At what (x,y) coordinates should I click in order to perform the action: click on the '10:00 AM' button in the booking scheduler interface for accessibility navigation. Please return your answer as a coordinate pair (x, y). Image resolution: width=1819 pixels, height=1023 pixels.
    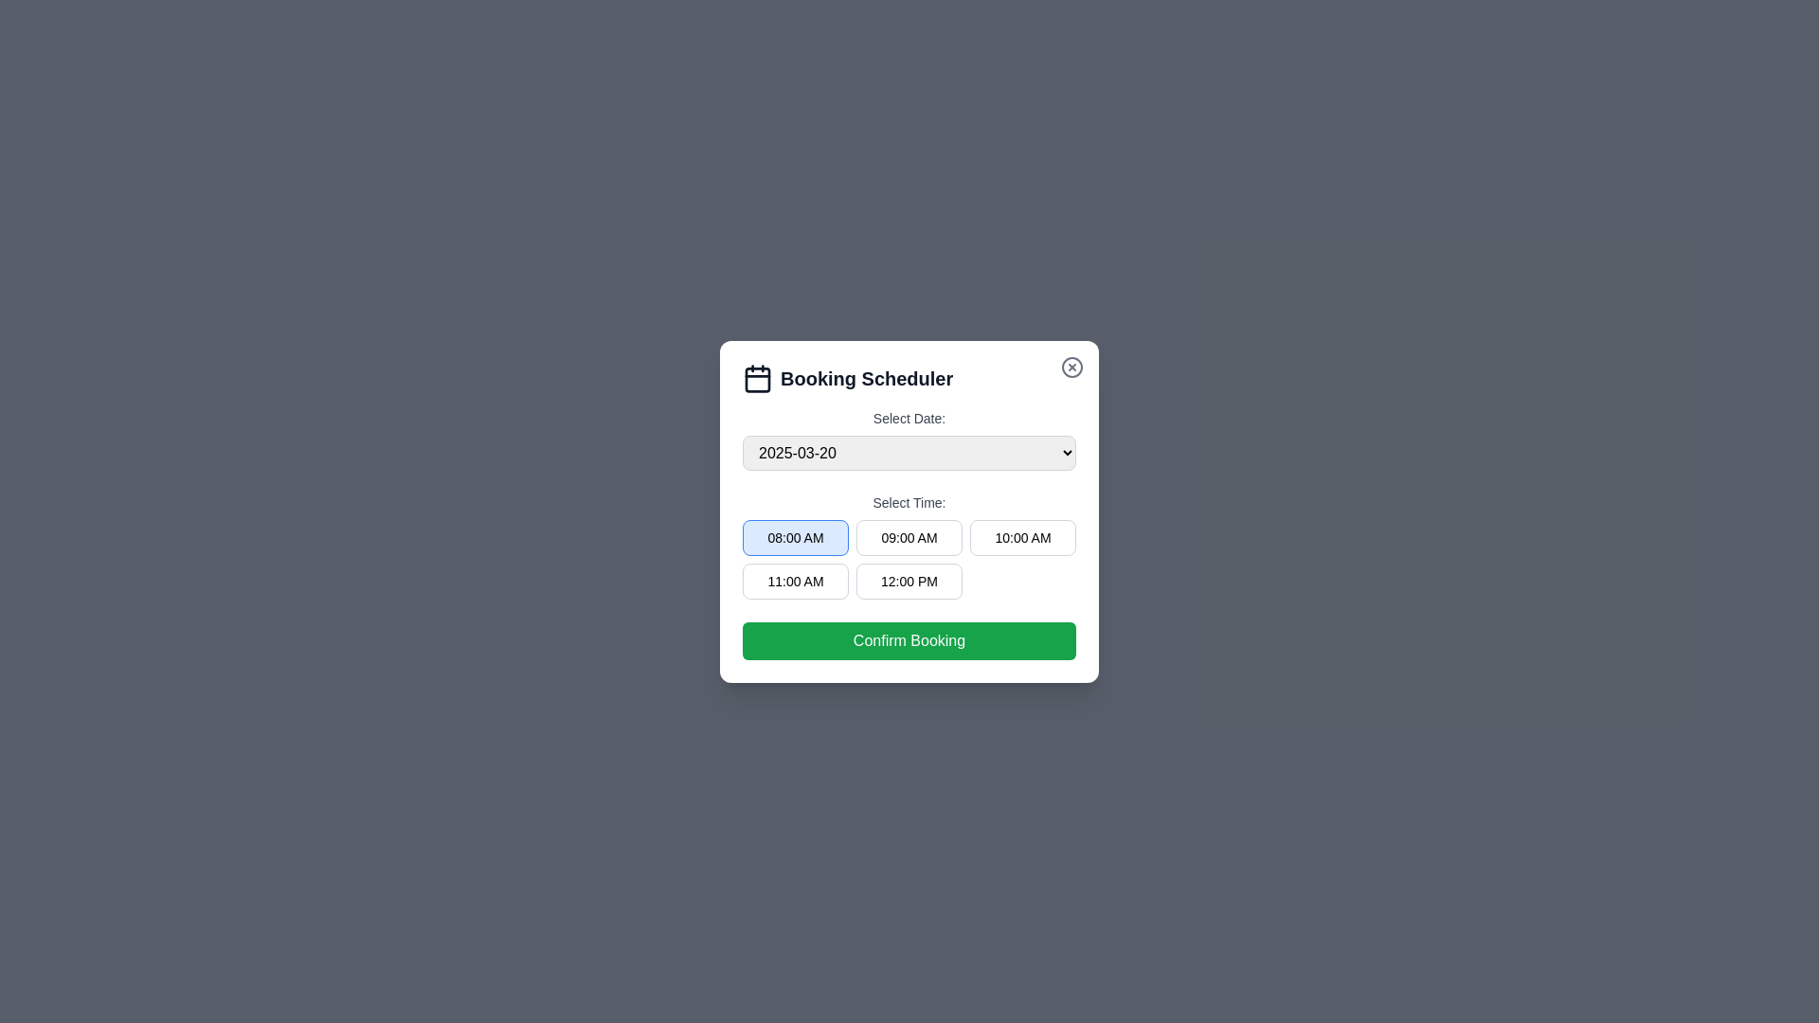
    Looking at the image, I should click on (1022, 537).